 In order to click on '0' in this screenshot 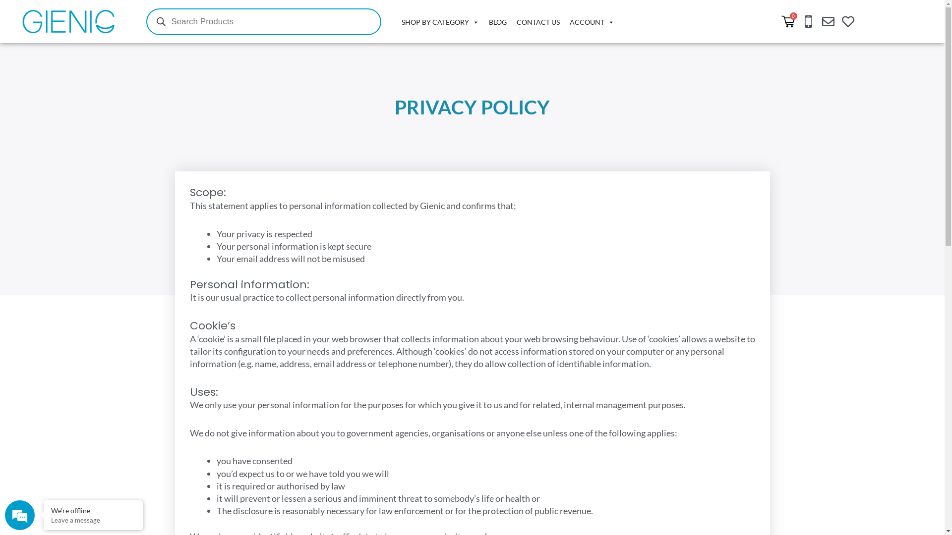, I will do `click(775, 21)`.